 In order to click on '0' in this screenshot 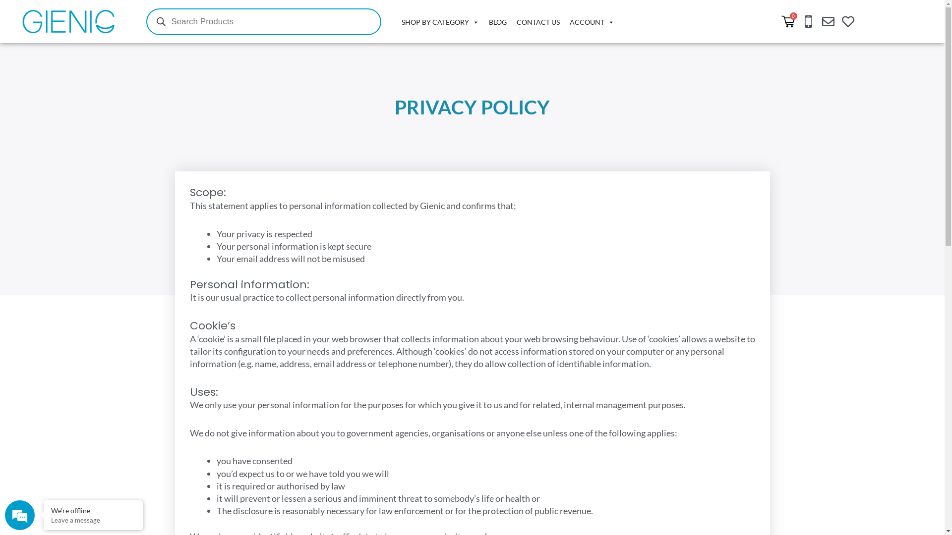, I will do `click(775, 21)`.